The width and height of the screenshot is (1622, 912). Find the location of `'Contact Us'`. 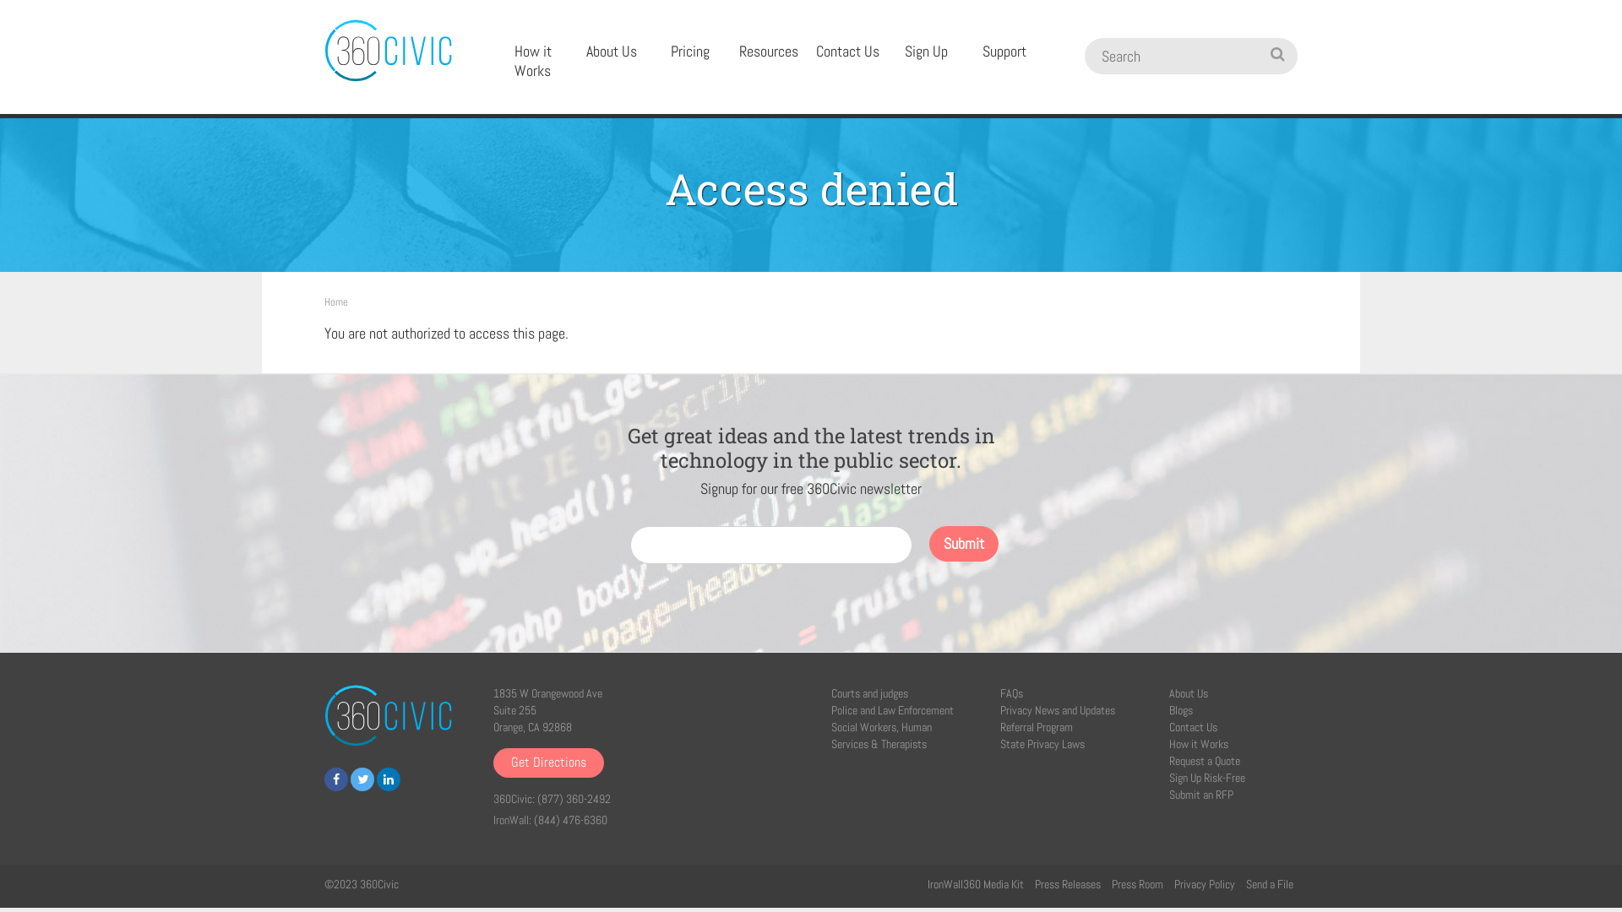

'Contact Us' is located at coordinates (1192, 725).